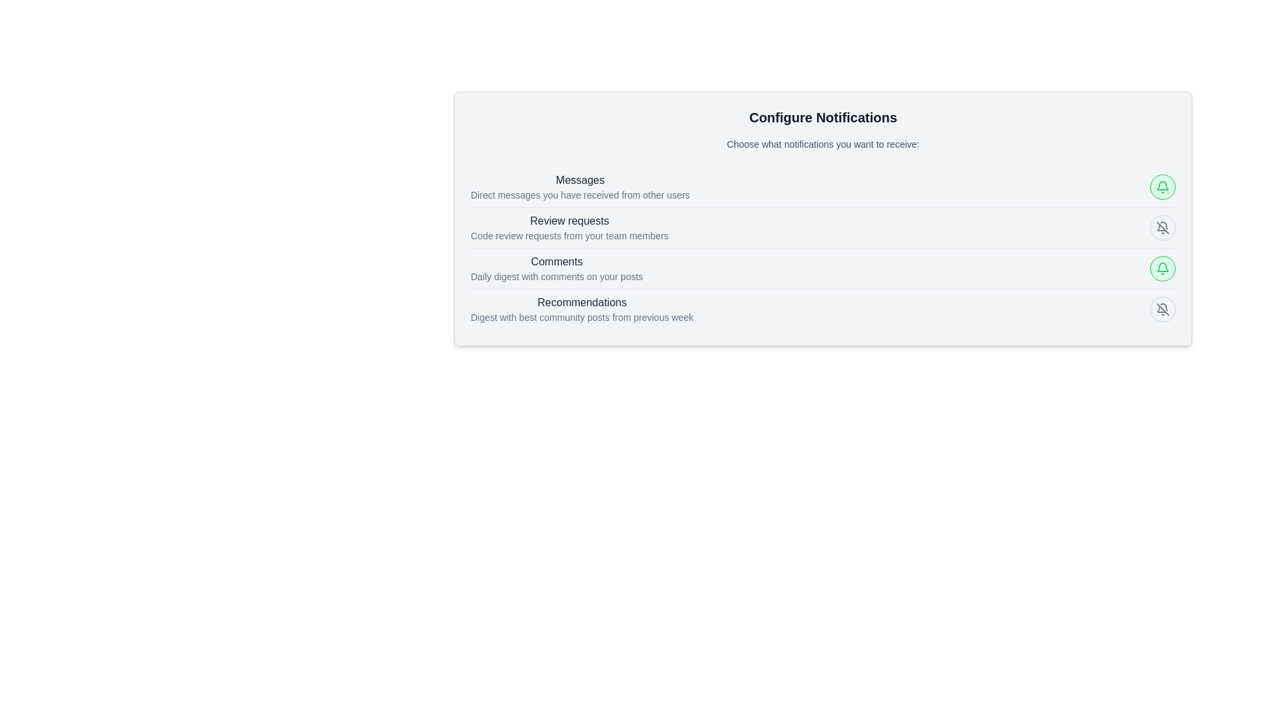 The height and width of the screenshot is (722, 1284). What do you see at coordinates (569, 221) in the screenshot?
I see `the header text label that informs the user about notification preferences, which is positioned above the phrase 'Code review requests from your team members' within the 'Configure Notifications' section` at bounding box center [569, 221].